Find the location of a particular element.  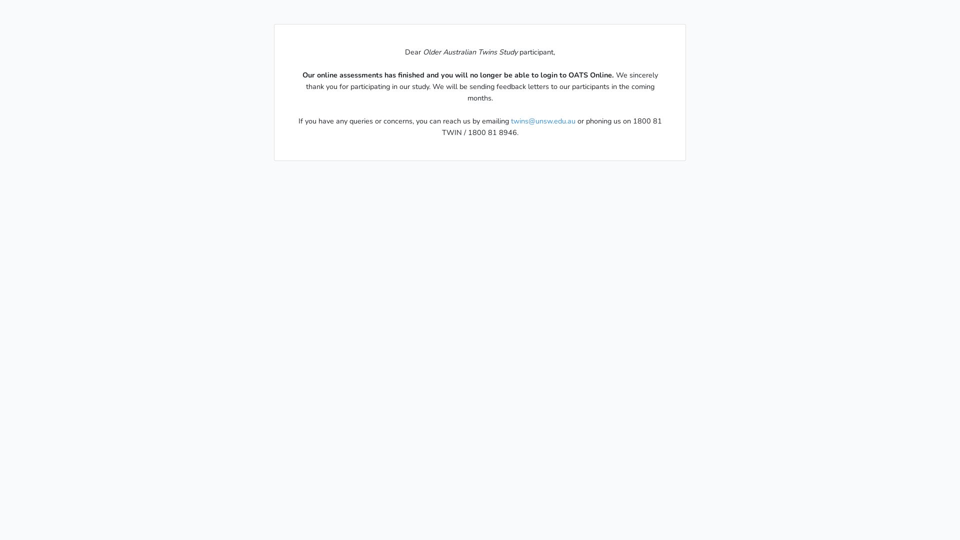

'twins@unsw.edu.au' is located at coordinates (542, 120).